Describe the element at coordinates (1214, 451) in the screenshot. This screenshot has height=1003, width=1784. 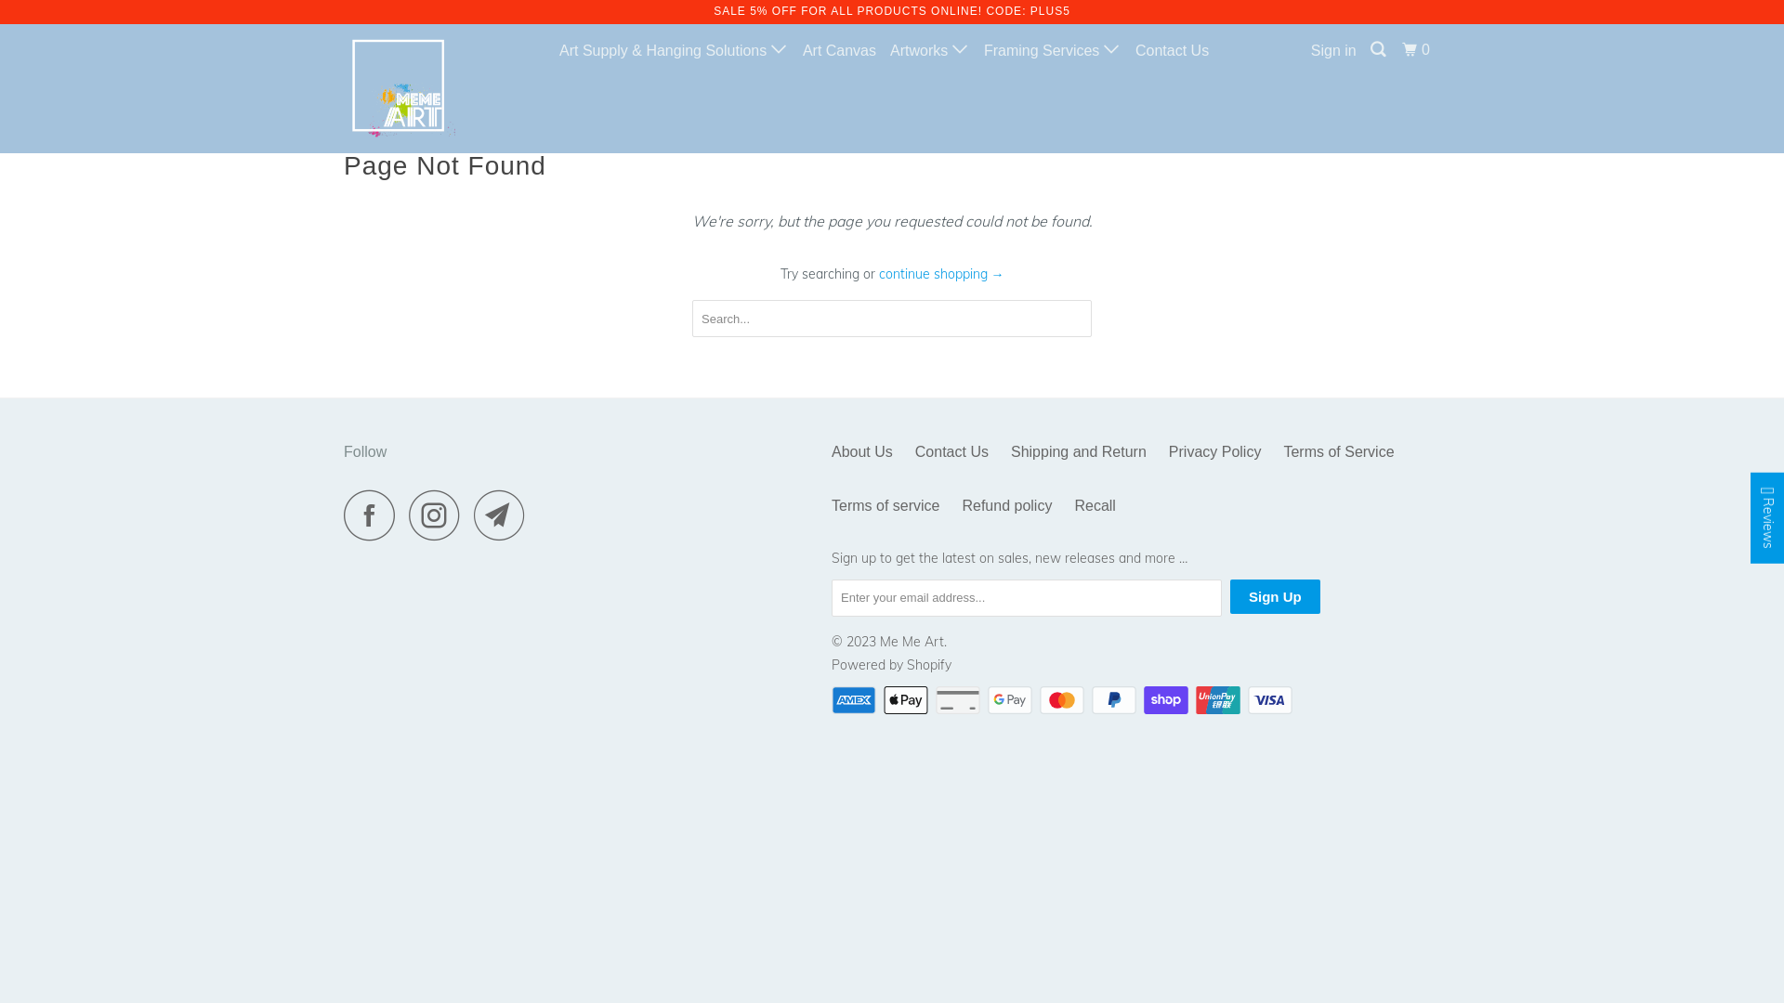
I see `'Privacy Policy'` at that location.